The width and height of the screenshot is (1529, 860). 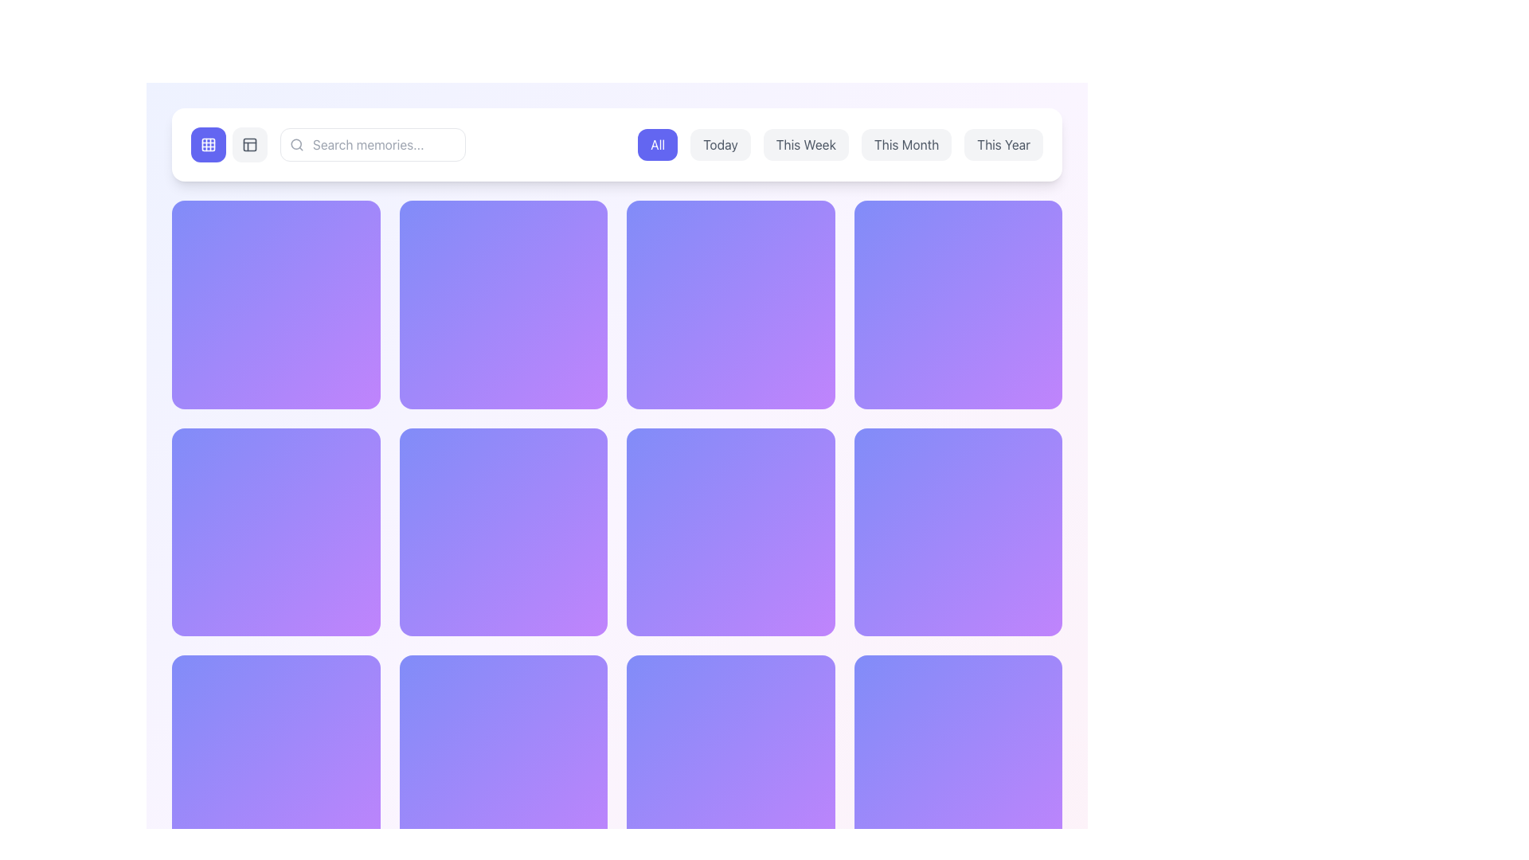 I want to click on displayed texts and icons from the compound UI element that shows the date '2024-10-09' and the number '86', along with a clock and heart icon, located at the bottom-left corner of the interface, so click(x=224, y=832).